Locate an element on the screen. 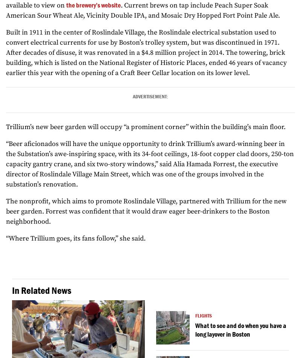 Image resolution: width=301 pixels, height=358 pixels. 'In Related News' is located at coordinates (41, 290).